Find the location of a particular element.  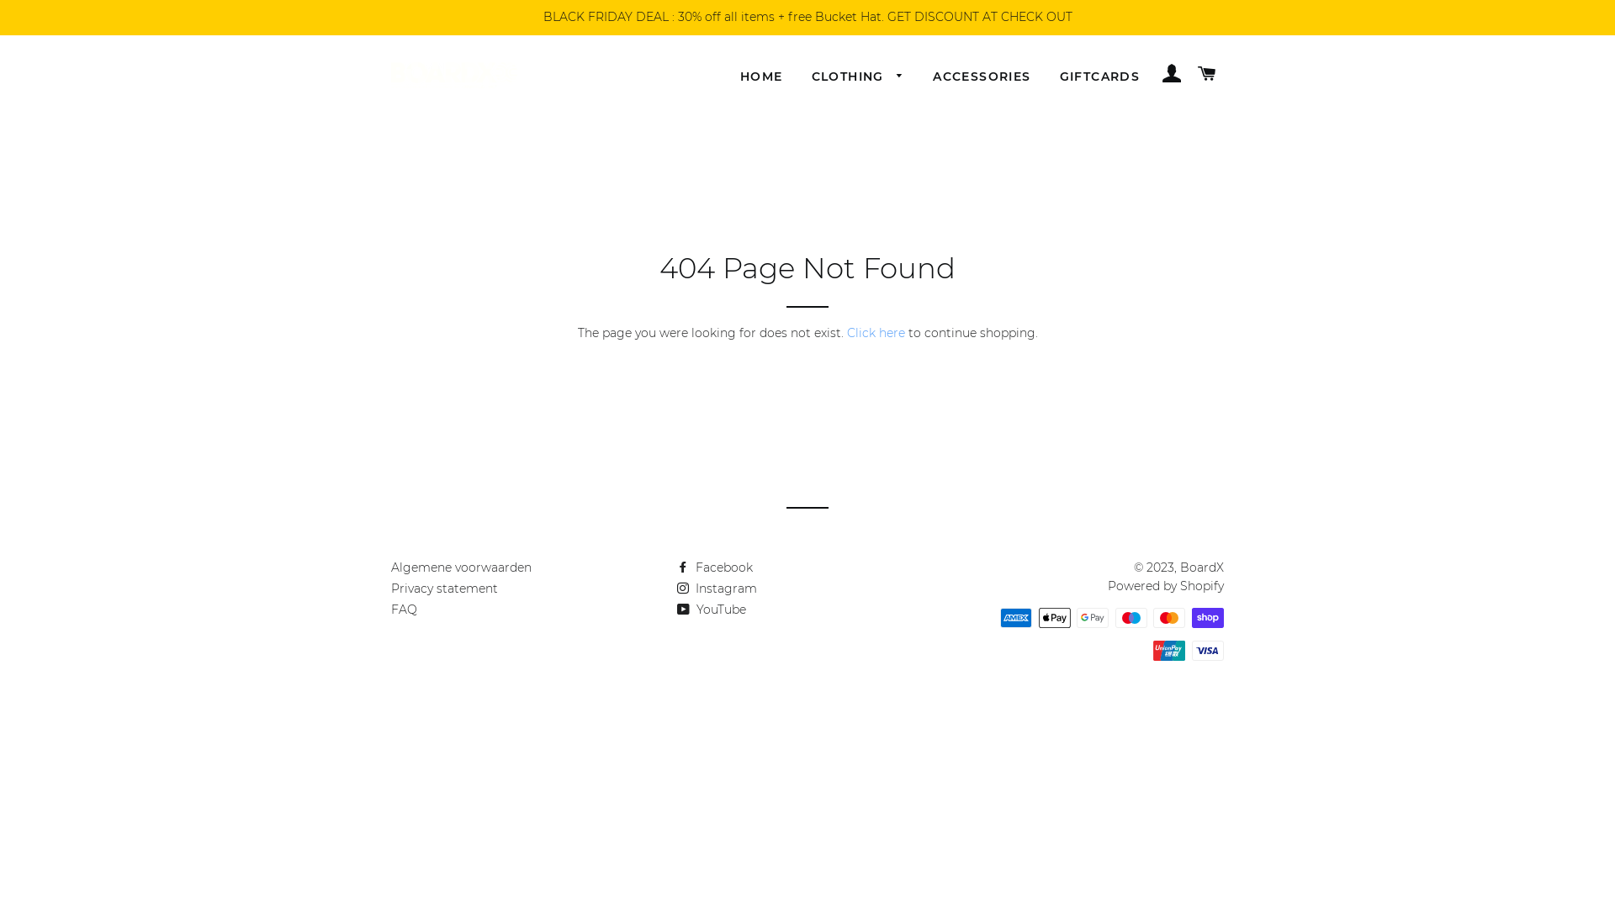

'CART' is located at coordinates (1190, 73).